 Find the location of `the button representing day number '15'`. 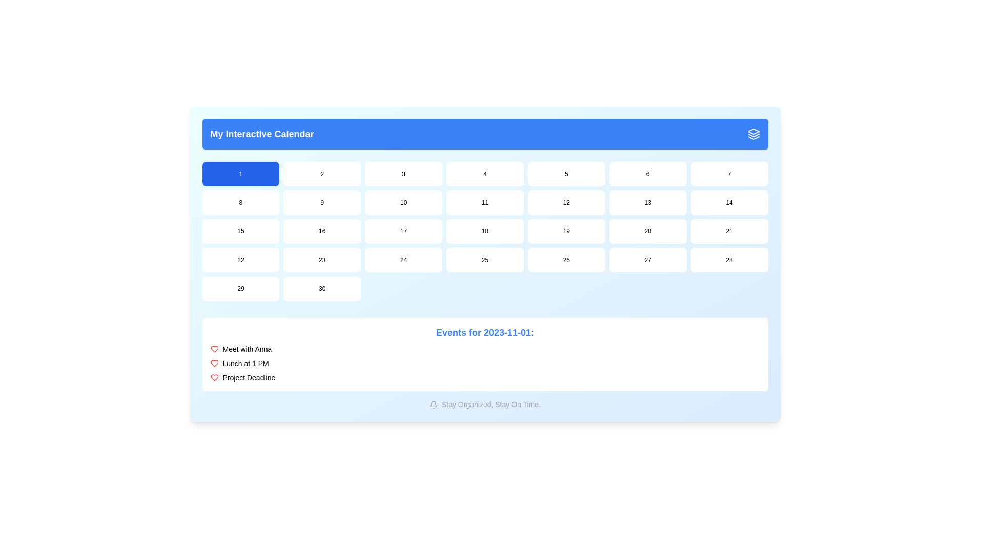

the button representing day number '15' is located at coordinates (240, 231).